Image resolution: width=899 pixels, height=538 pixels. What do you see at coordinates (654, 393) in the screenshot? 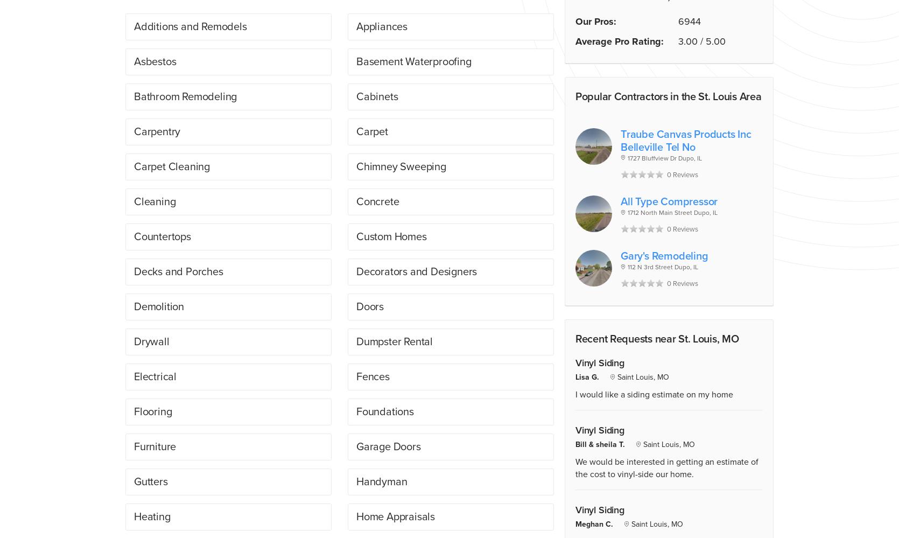
I see `'I would like a siding estimate on my home'` at bounding box center [654, 393].